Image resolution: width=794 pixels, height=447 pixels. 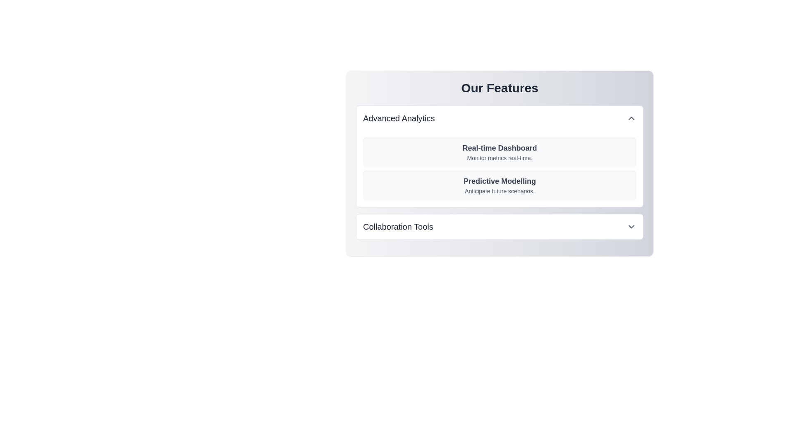 What do you see at coordinates (499, 158) in the screenshot?
I see `static text element located below the 'Real-time Dashboard' title in the 'Advanced Analytics' section for accessibility purposes` at bounding box center [499, 158].